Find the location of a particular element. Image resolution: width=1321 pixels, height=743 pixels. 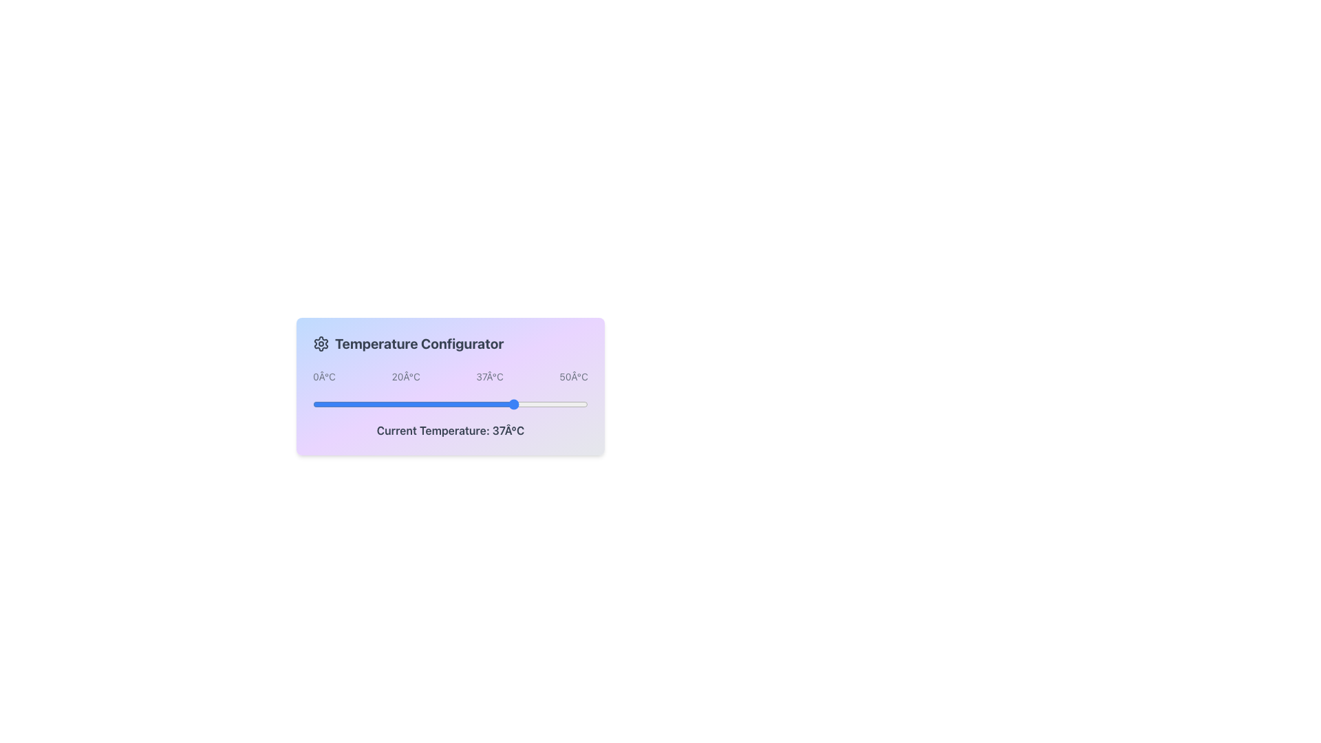

the temperature is located at coordinates (582, 403).